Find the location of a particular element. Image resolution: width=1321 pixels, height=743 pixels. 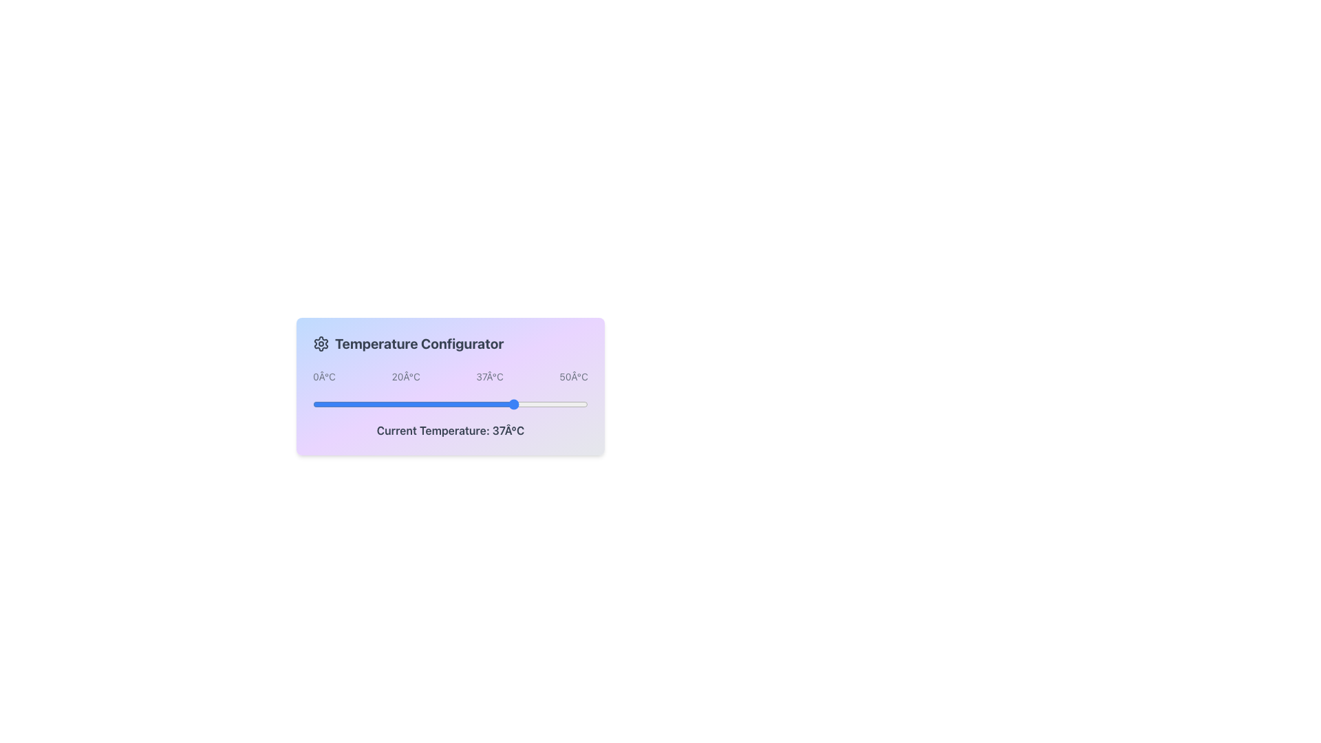

the temperature is located at coordinates (582, 403).